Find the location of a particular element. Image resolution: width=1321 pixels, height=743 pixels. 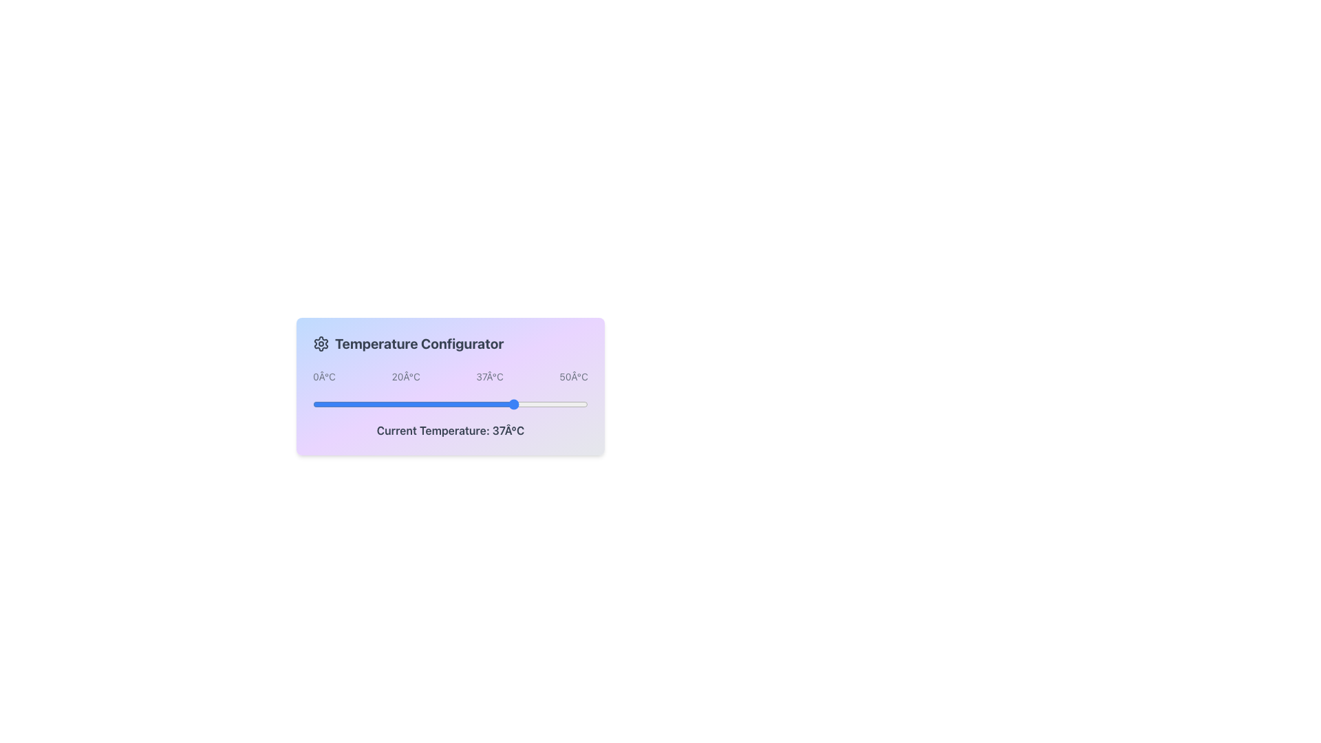

the temperature is located at coordinates (582, 403).